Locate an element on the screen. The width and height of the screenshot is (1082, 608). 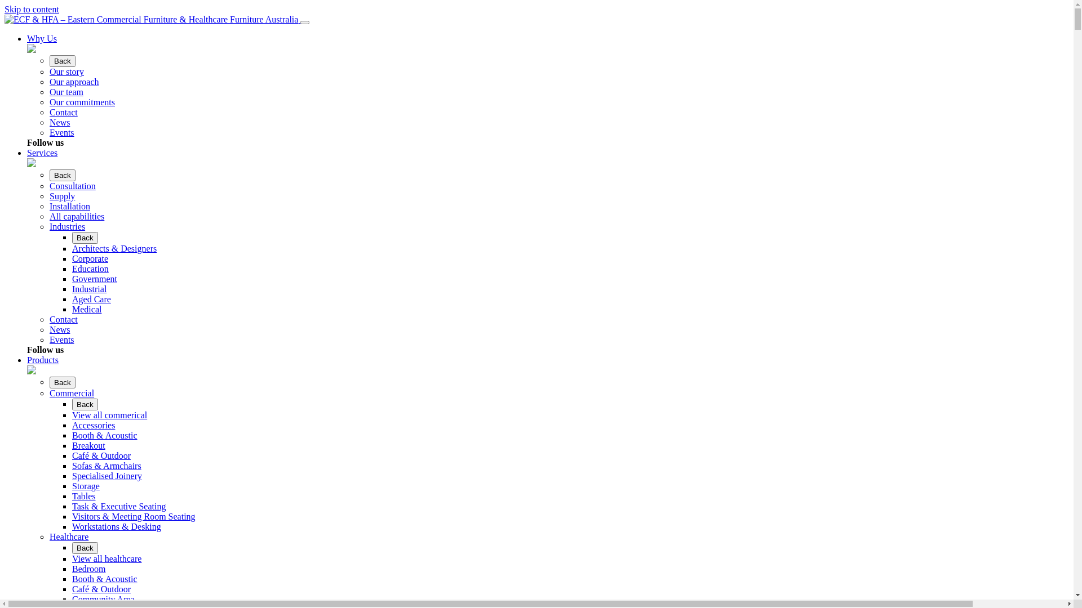
'Back' is located at coordinates (61, 175).